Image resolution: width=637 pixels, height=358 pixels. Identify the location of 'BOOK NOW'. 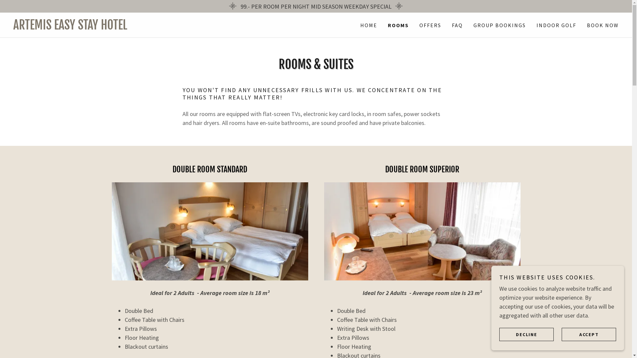
(585, 25).